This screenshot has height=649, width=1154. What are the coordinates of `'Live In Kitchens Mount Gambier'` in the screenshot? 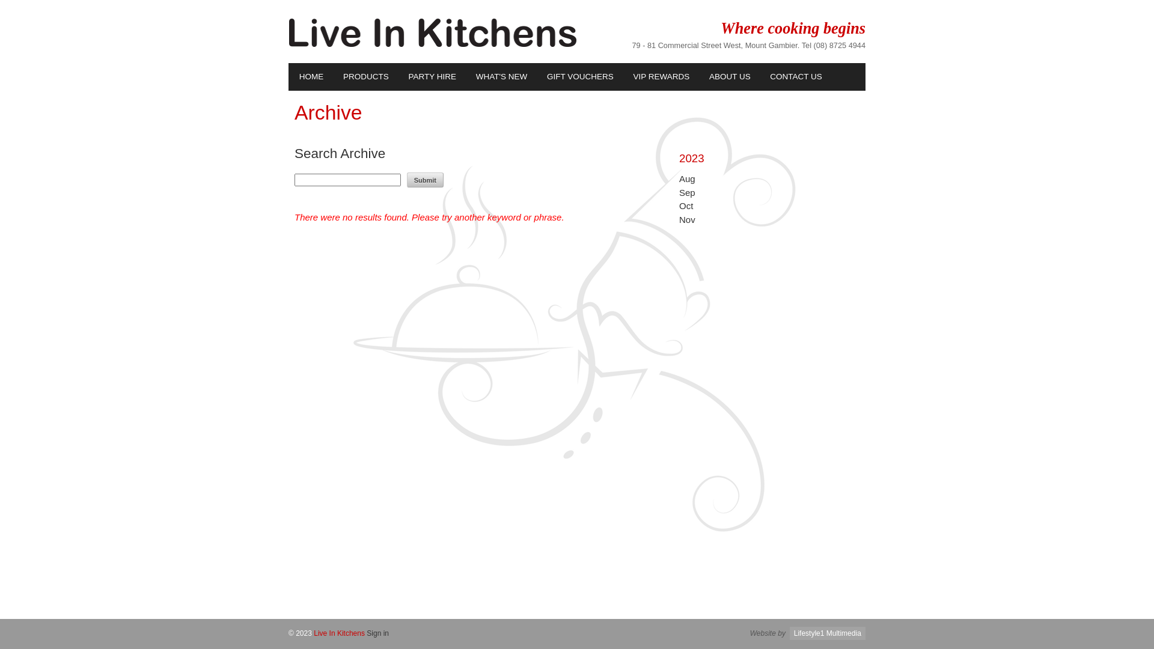 It's located at (433, 32).